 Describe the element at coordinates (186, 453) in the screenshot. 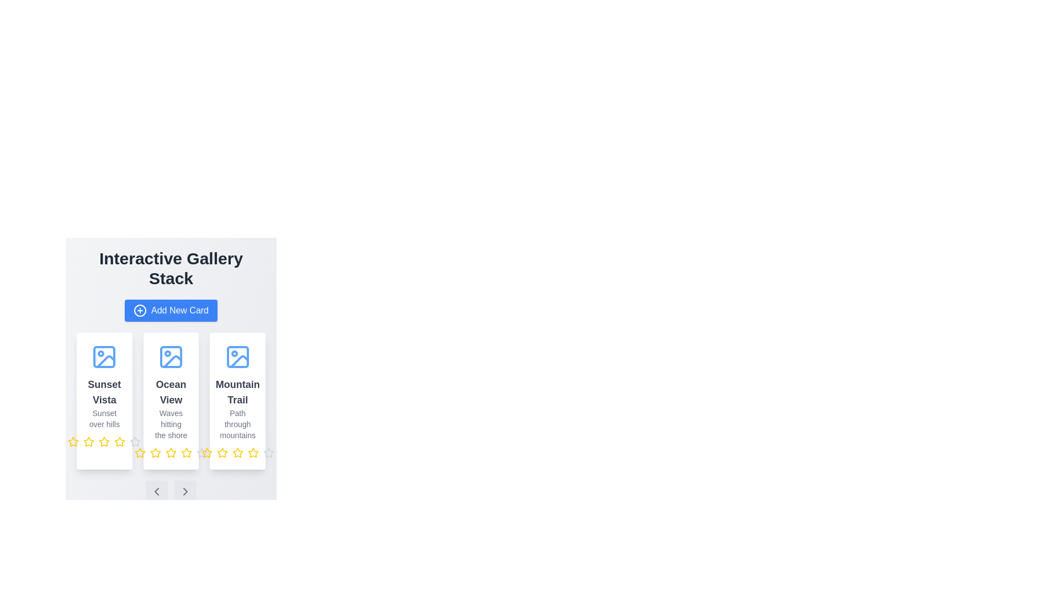

I see `the third star icon from the left in the horizontal row of rating stars under the 'Ocean View' card` at that location.